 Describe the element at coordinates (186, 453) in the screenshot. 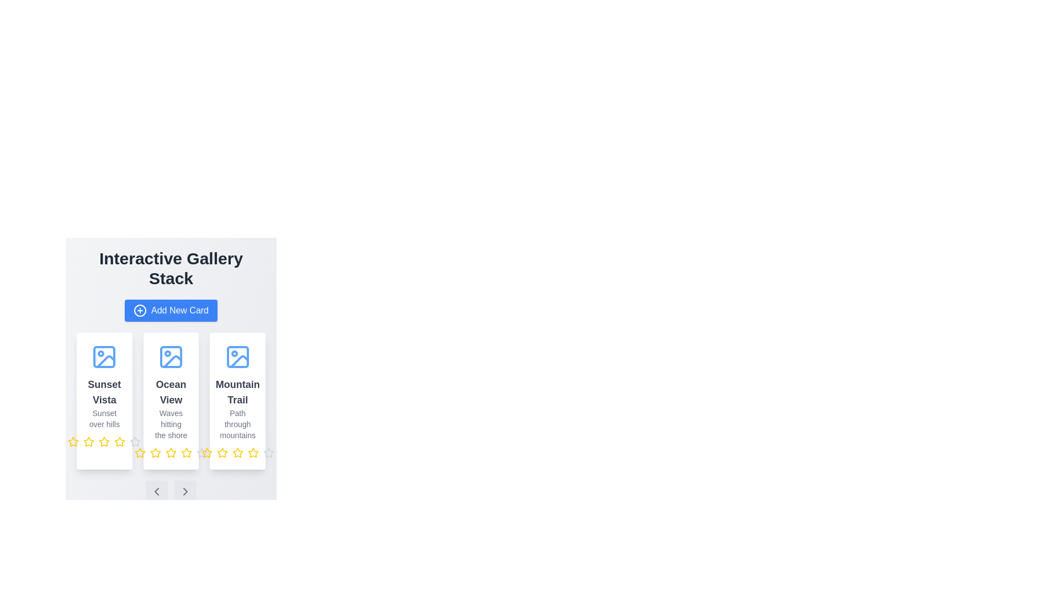

I see `the third star icon from the left in the horizontal row of rating stars under the 'Ocean View' card` at that location.